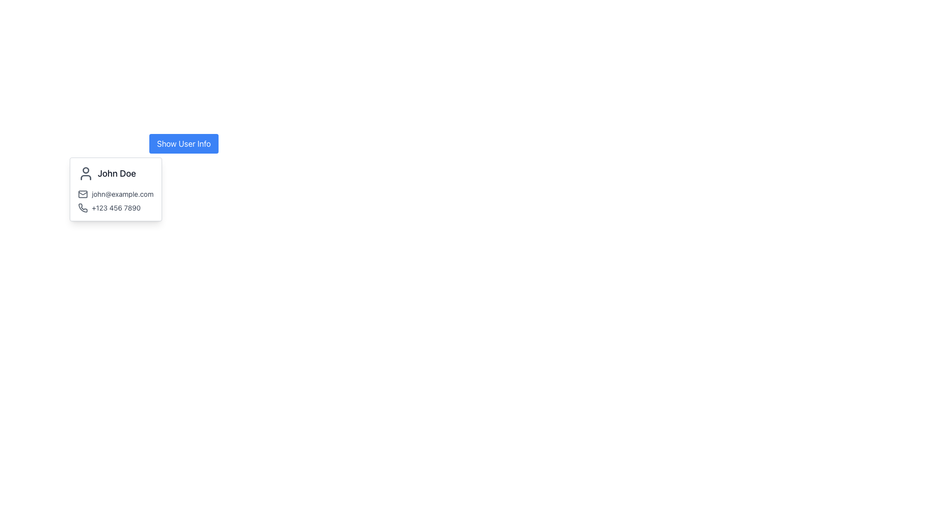 This screenshot has height=530, width=943. What do you see at coordinates (115, 194) in the screenshot?
I see `the email address 'john@example.com' displayed in the contact card of user 'John Doe', which is located below the name and above the phone number, with an envelope icon to the left` at bounding box center [115, 194].